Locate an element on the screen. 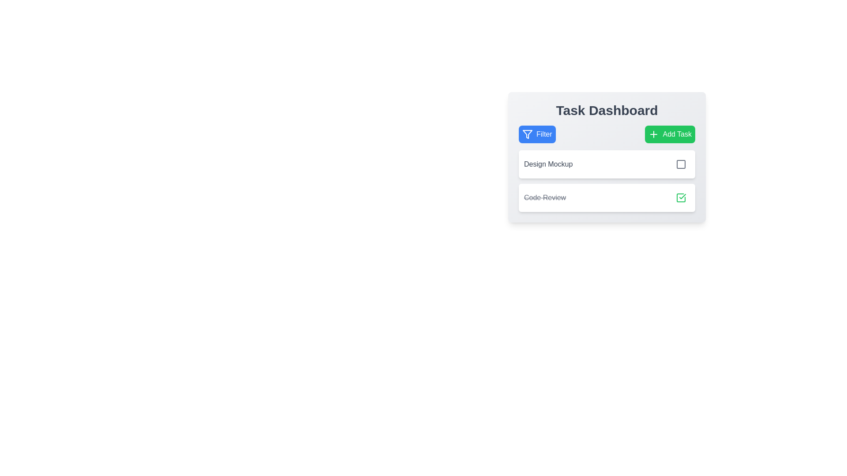 This screenshot has width=847, height=476. the plus-shaped icon located inside the green 'Add Task' button in the top-right corner of the task management interface is located at coordinates (654, 134).